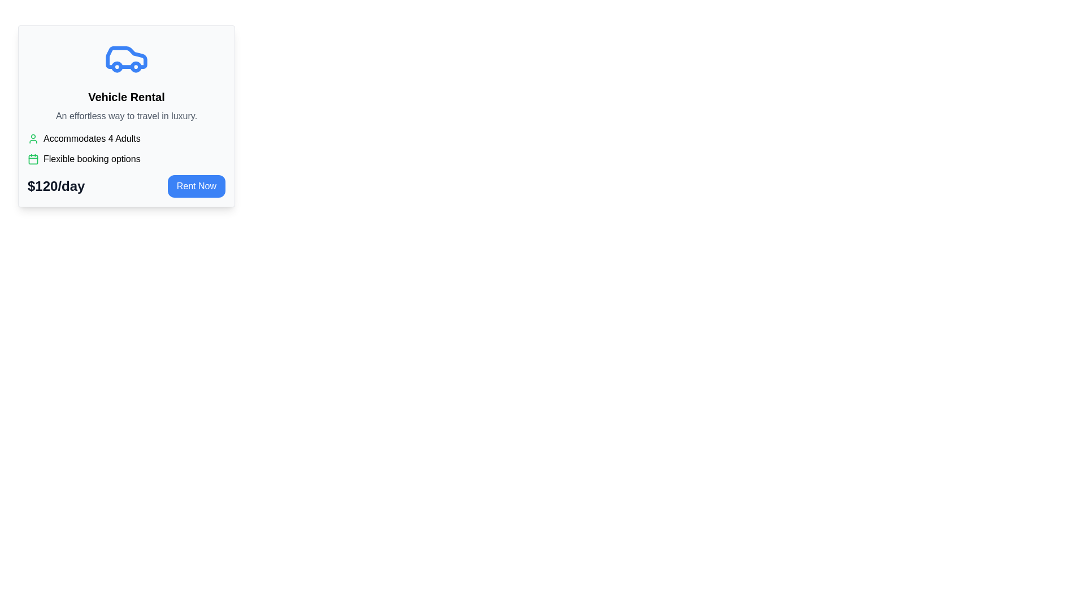  I want to click on the central part of the car shape in the vehicle rental service icon, located in the upper section of the information card, so click(127, 57).